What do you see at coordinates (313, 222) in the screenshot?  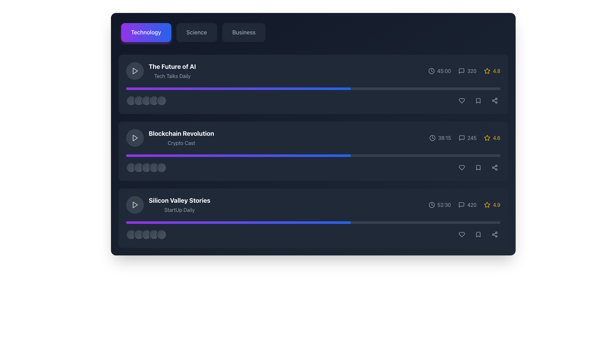 I see `the horizontal progress bar with a gray background and rounded corners located in the third row under the title 'Silicon Valley Stories'` at bounding box center [313, 222].